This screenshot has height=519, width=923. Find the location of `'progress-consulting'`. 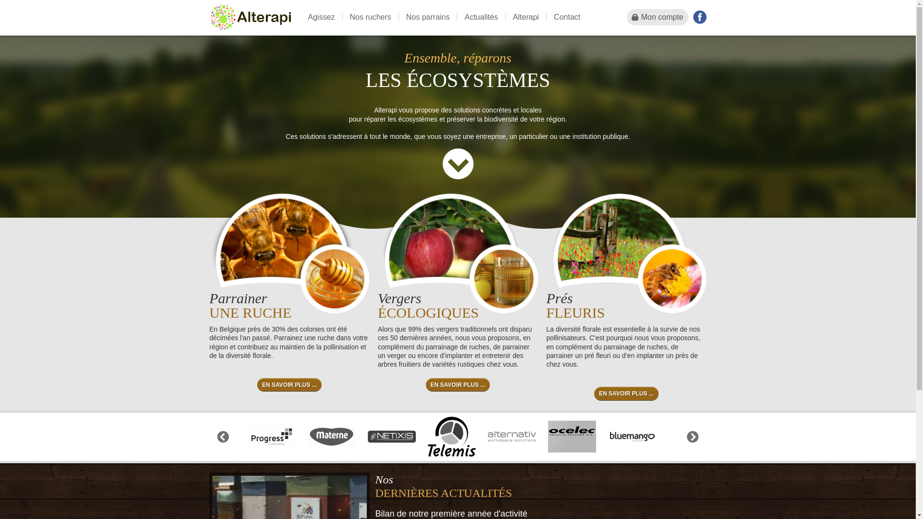

'progress-consulting' is located at coordinates (271, 437).